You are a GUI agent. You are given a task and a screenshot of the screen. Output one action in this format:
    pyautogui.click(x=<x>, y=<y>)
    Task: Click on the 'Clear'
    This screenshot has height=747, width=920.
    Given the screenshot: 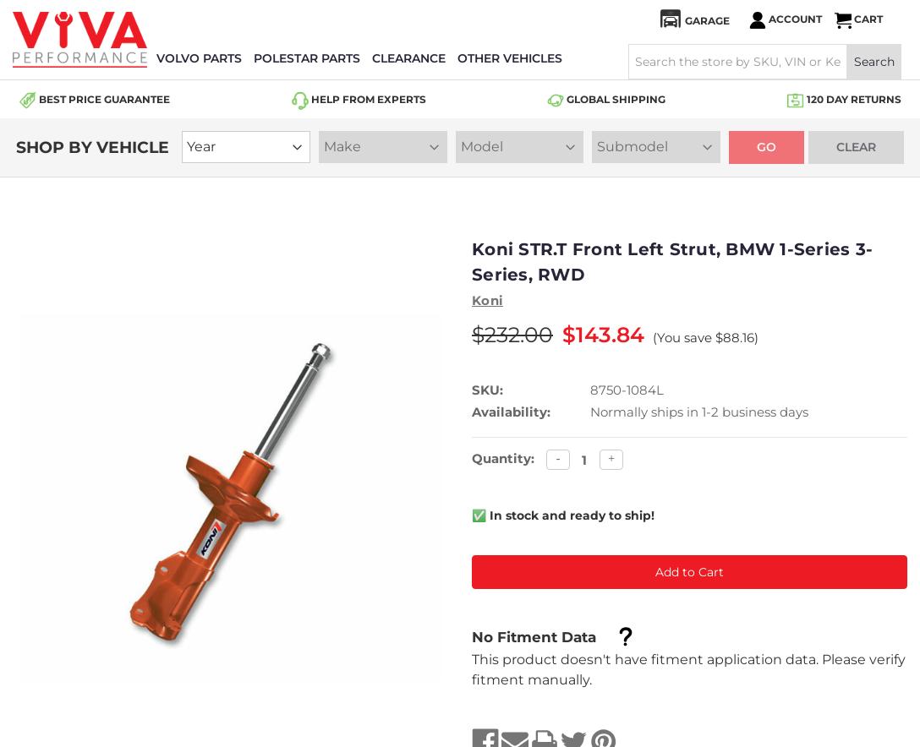 What is the action you would take?
    pyautogui.click(x=855, y=145)
    